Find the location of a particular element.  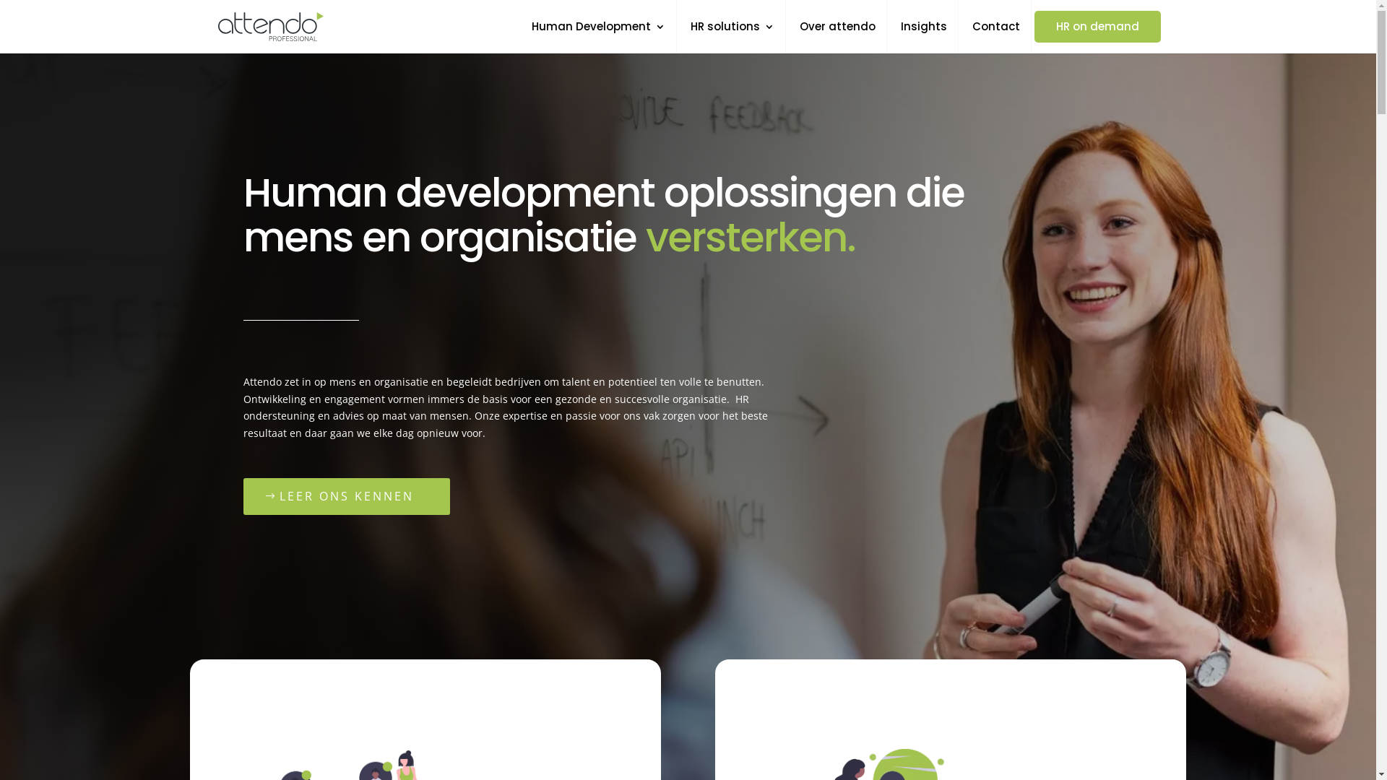

'Over attendo' is located at coordinates (837, 36).